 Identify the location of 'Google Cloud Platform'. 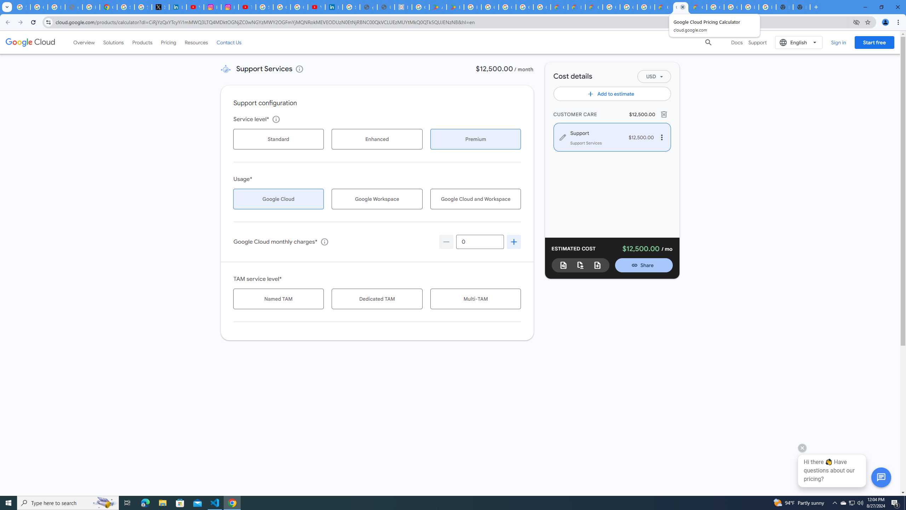
(733, 7).